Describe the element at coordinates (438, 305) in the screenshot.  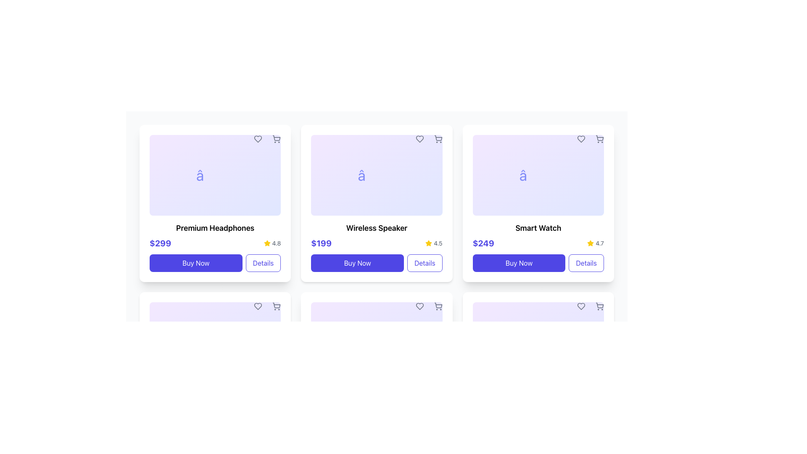
I see `the shopping cart icon in the top-right corner of the 'Wireless Speaker' product card` at that location.